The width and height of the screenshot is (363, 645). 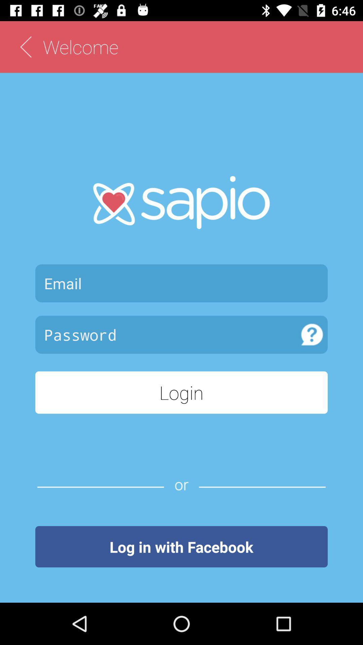 What do you see at coordinates (182, 283) in the screenshot?
I see `email address` at bounding box center [182, 283].